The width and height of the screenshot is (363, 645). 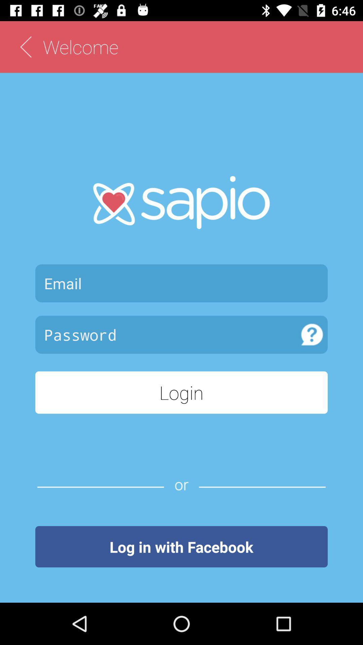 What do you see at coordinates (182, 283) in the screenshot?
I see `email address` at bounding box center [182, 283].